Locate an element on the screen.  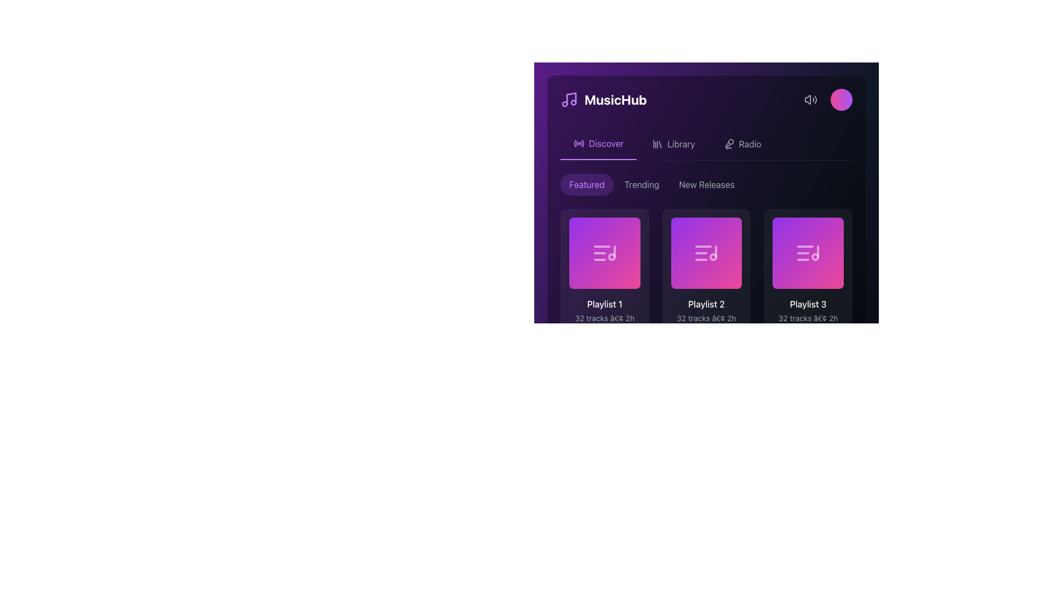
the Text Label that serves as the title or name of the associated playlist, positioned under the square icon representing the playlist is located at coordinates (604, 304).